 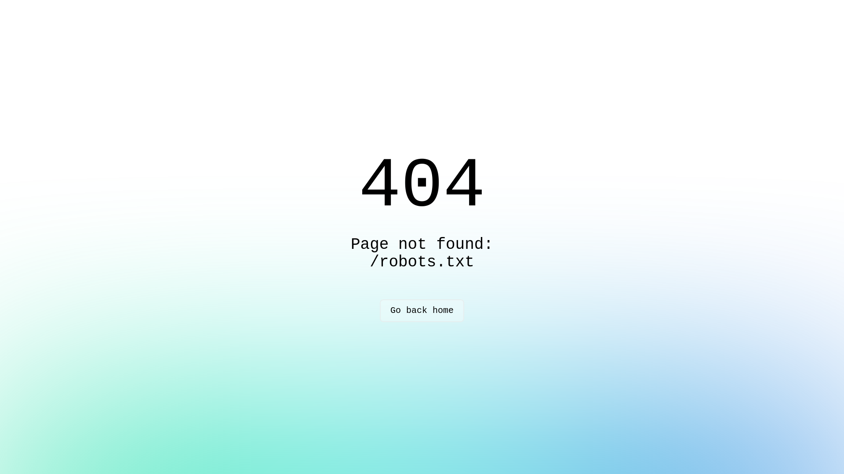 I want to click on 'Go back home', so click(x=380, y=310).